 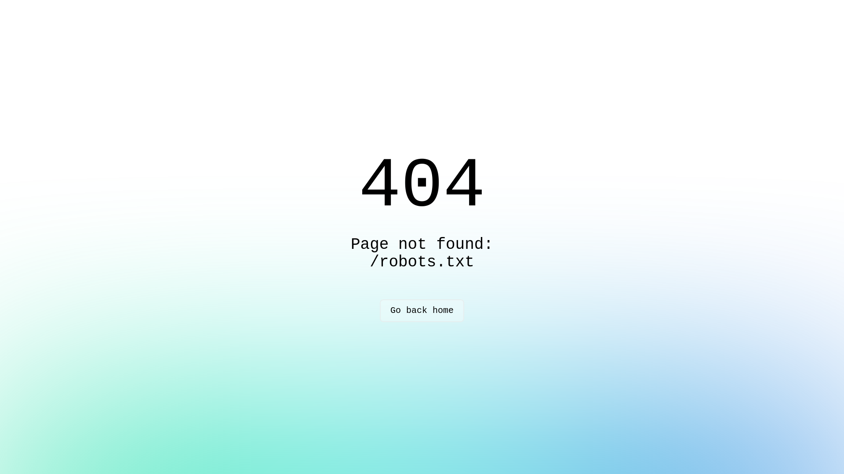 I want to click on 'Go back home', so click(x=380, y=310).